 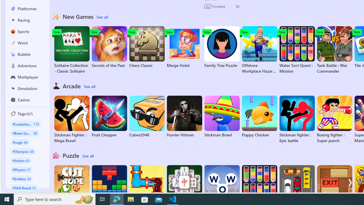 What do you see at coordinates (222, 47) in the screenshot?
I see `'Family Tree Puzzle'` at bounding box center [222, 47].